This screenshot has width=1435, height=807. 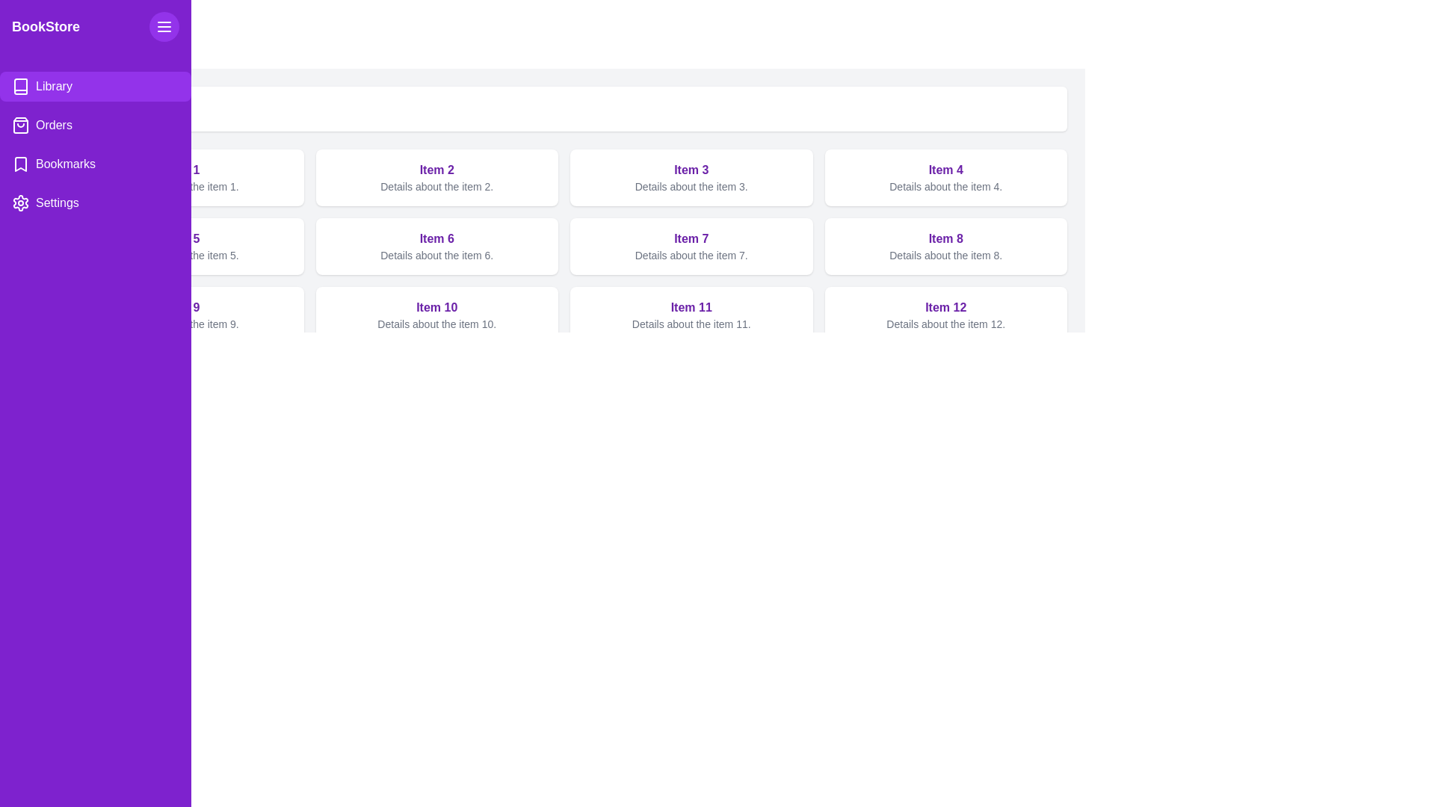 I want to click on the informational Text label located beneath the heading 'Item 12' in the twelfth card of the grid layout, so click(x=945, y=324).